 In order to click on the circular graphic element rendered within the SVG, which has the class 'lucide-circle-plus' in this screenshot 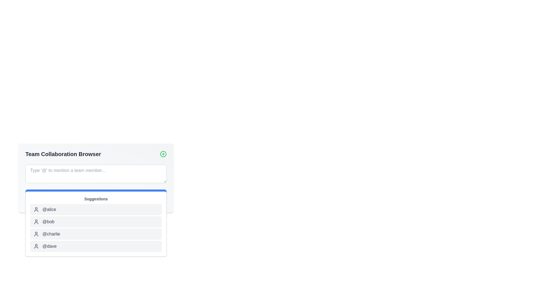, I will do `click(163, 154)`.